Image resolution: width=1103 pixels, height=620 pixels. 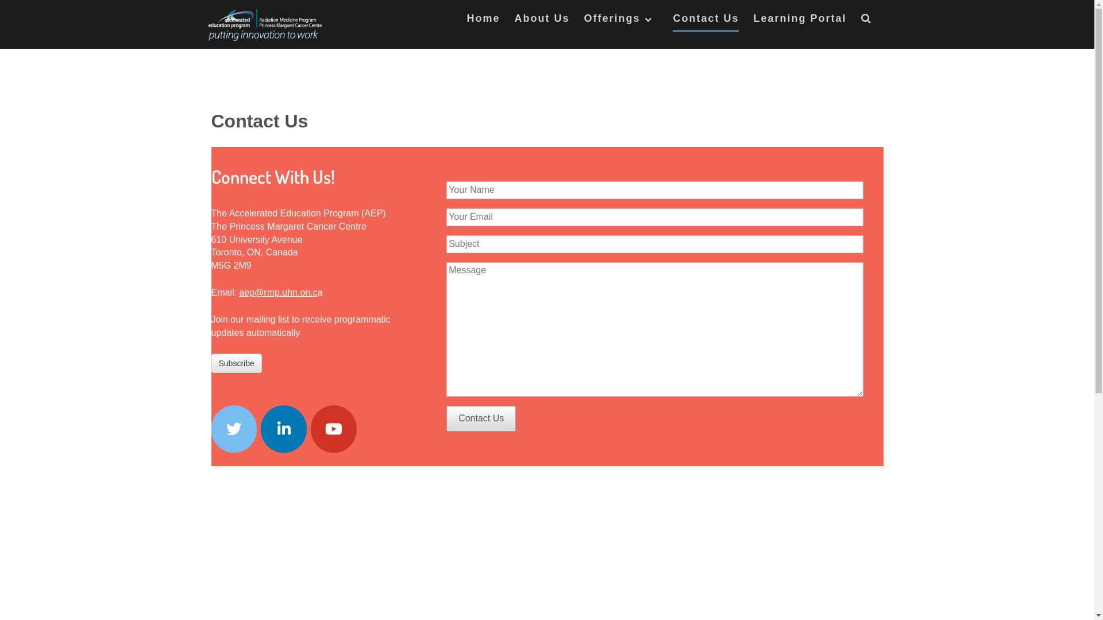 What do you see at coordinates (280, 292) in the screenshot?
I see `'aep@rmp.uhn.on.ca'` at bounding box center [280, 292].